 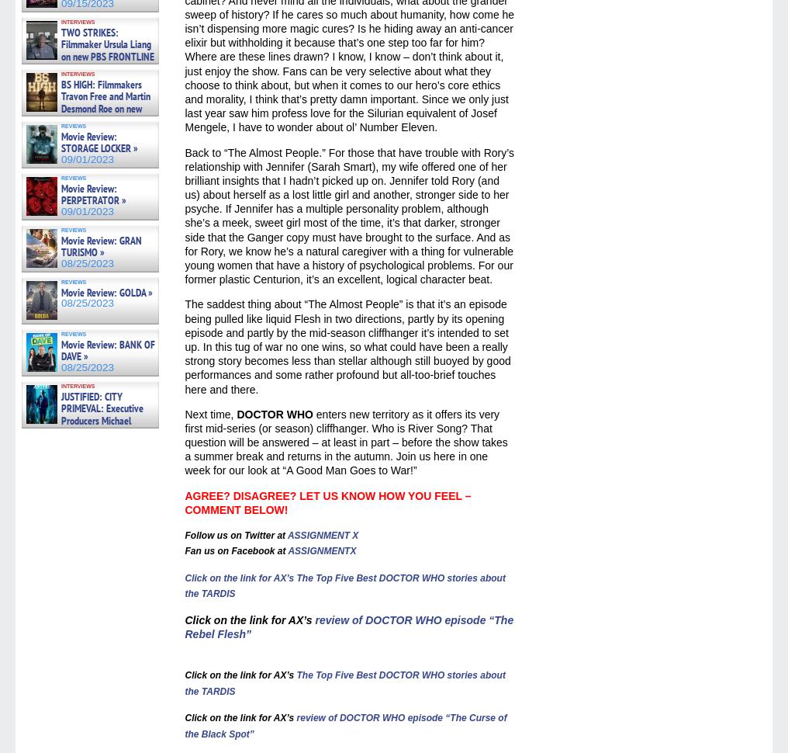 I want to click on 'Movie Review: PERPETRATOR »', so click(x=94, y=193).